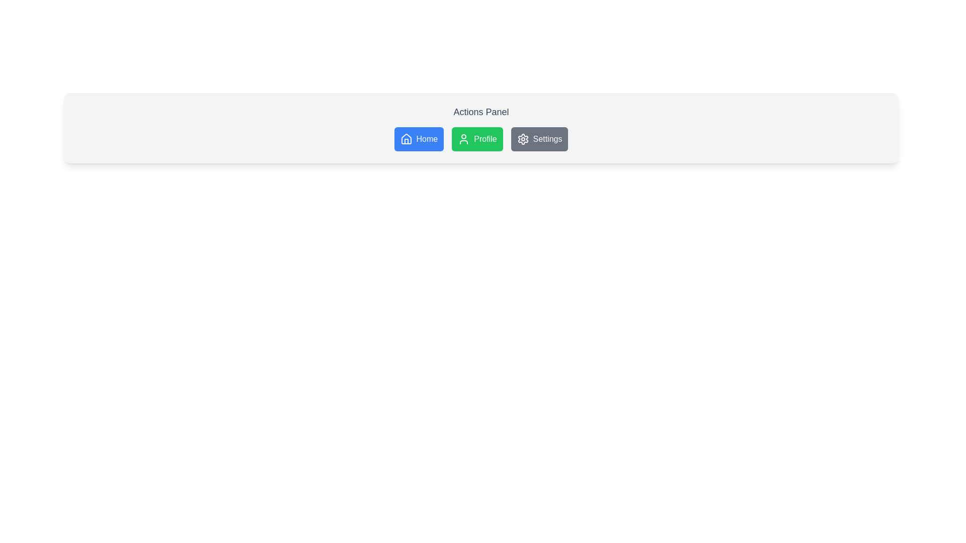 This screenshot has height=543, width=966. What do you see at coordinates (463, 139) in the screenshot?
I see `the SVG Icon representing the user or profile section inside the green 'Profile' button, which is centrally aligned in the 'Actions Panel'` at bounding box center [463, 139].